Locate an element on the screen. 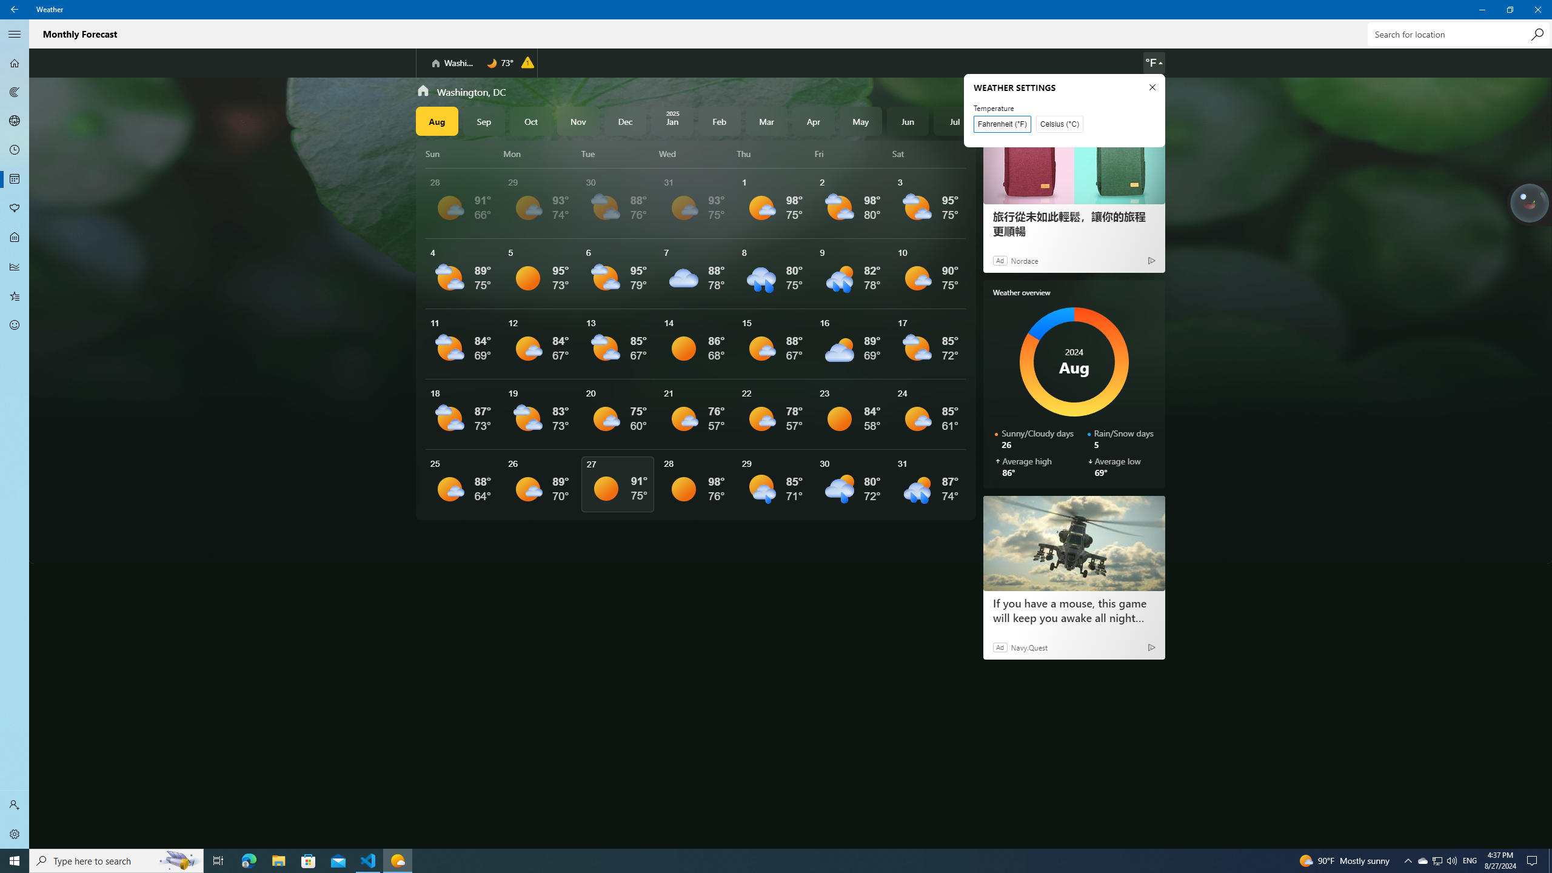 This screenshot has width=1552, height=873. 'Back' is located at coordinates (15, 9).